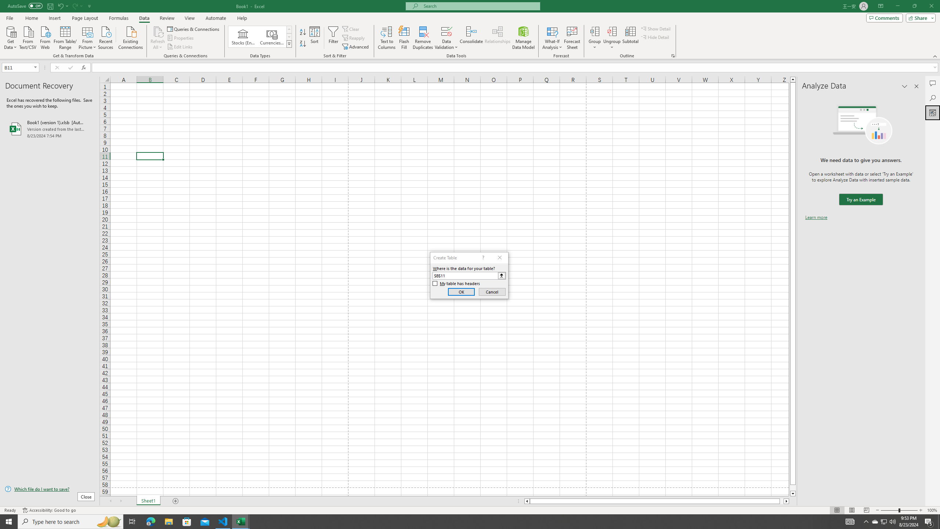 The height and width of the screenshot is (529, 940). I want to click on 'Reapply', so click(354, 38).